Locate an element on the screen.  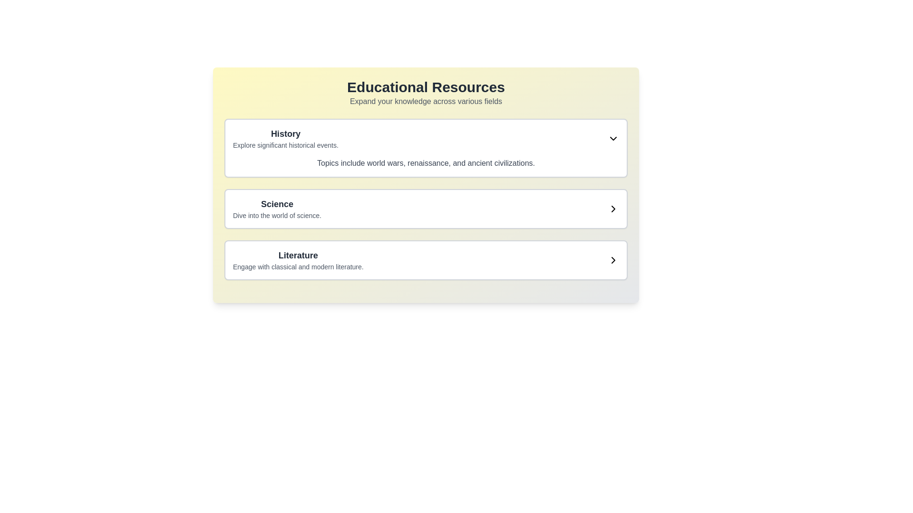
the title and description text block located at the top of the educational resources section, which precedes the 'Science' and 'Literature' sections is located at coordinates (285, 139).